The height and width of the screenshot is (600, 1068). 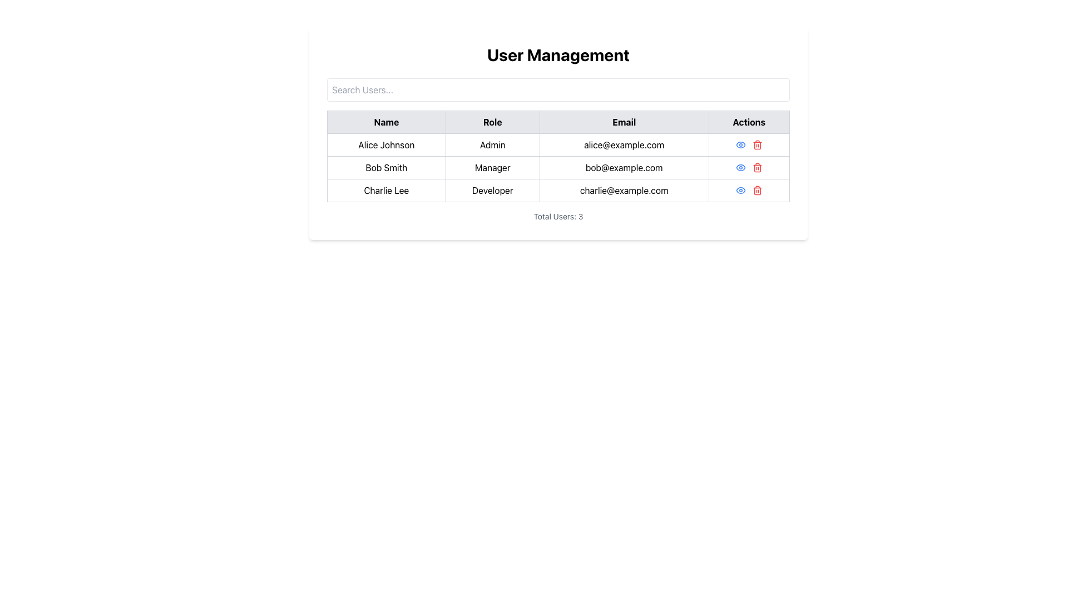 What do you see at coordinates (749, 167) in the screenshot?
I see `the group of interactive icons` at bounding box center [749, 167].